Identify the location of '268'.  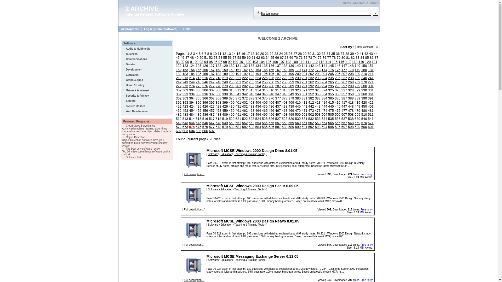
(351, 82).